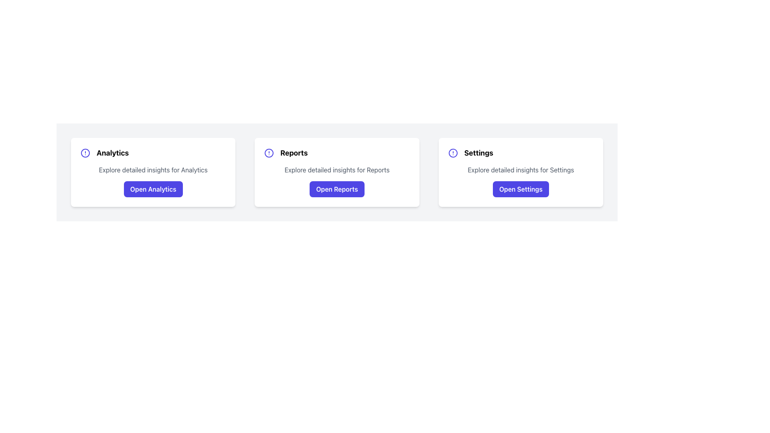 The width and height of the screenshot is (770, 433). What do you see at coordinates (337, 189) in the screenshot?
I see `the centrally located button in the 'Reports' card` at bounding box center [337, 189].